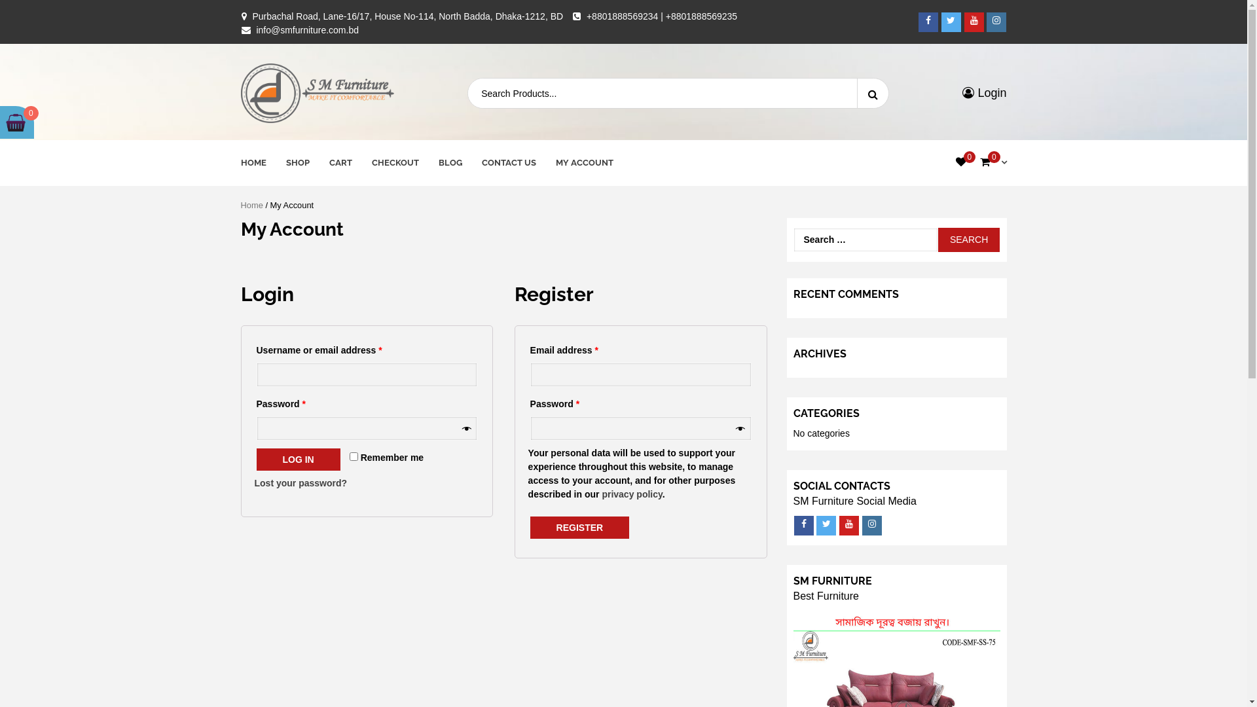 This screenshot has width=1257, height=707. I want to click on 'HOME', so click(253, 162).